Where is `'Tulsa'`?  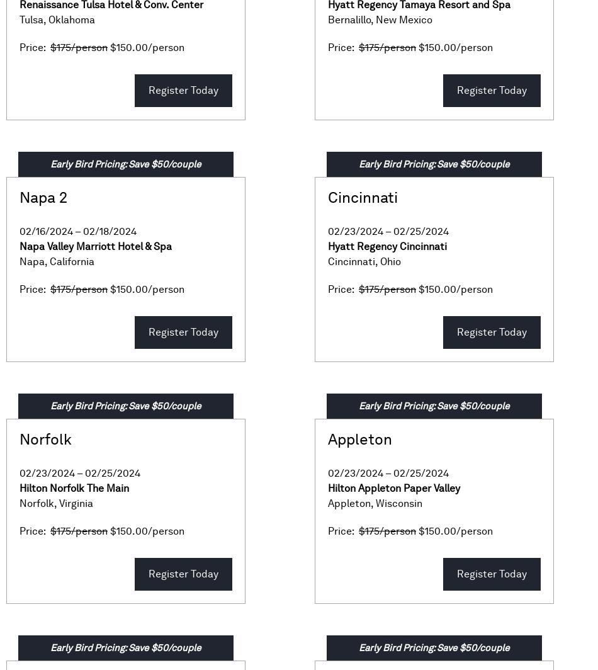
'Tulsa' is located at coordinates (31, 20).